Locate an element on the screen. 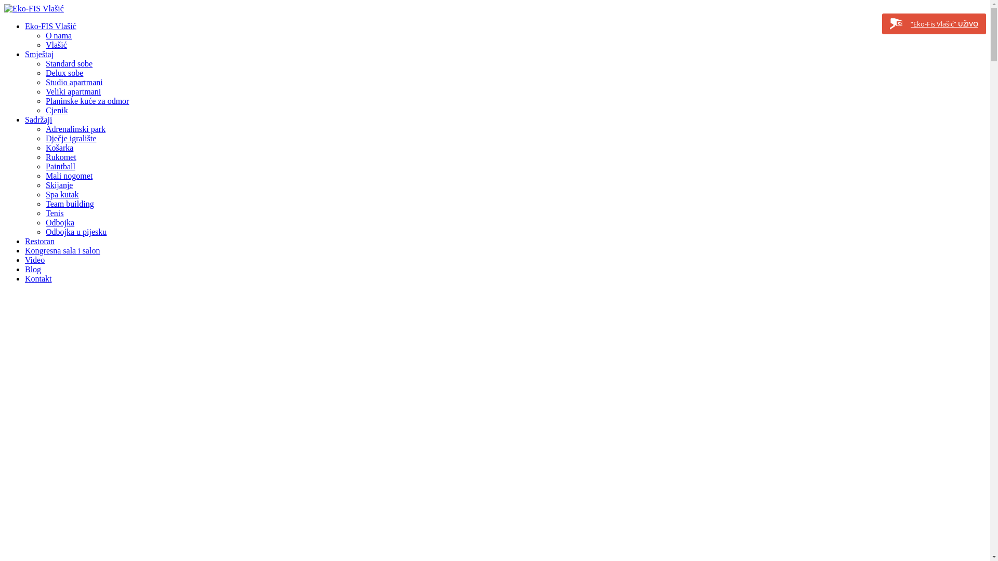 The height and width of the screenshot is (561, 998). 'Studio apartmani' is located at coordinates (74, 82).